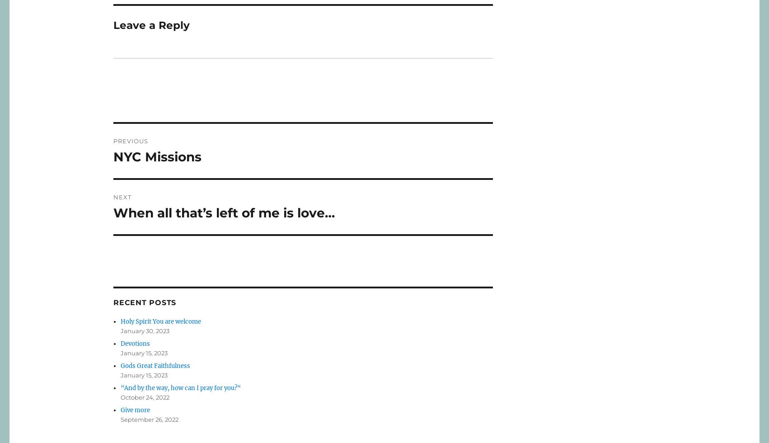 The image size is (769, 443). I want to click on 'Gods Great Faithfulness', so click(155, 365).